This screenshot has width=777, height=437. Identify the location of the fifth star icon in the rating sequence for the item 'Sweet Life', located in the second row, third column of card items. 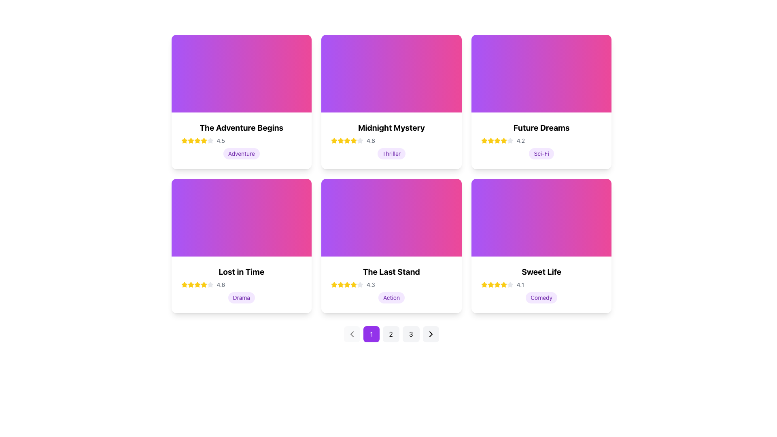
(503, 284).